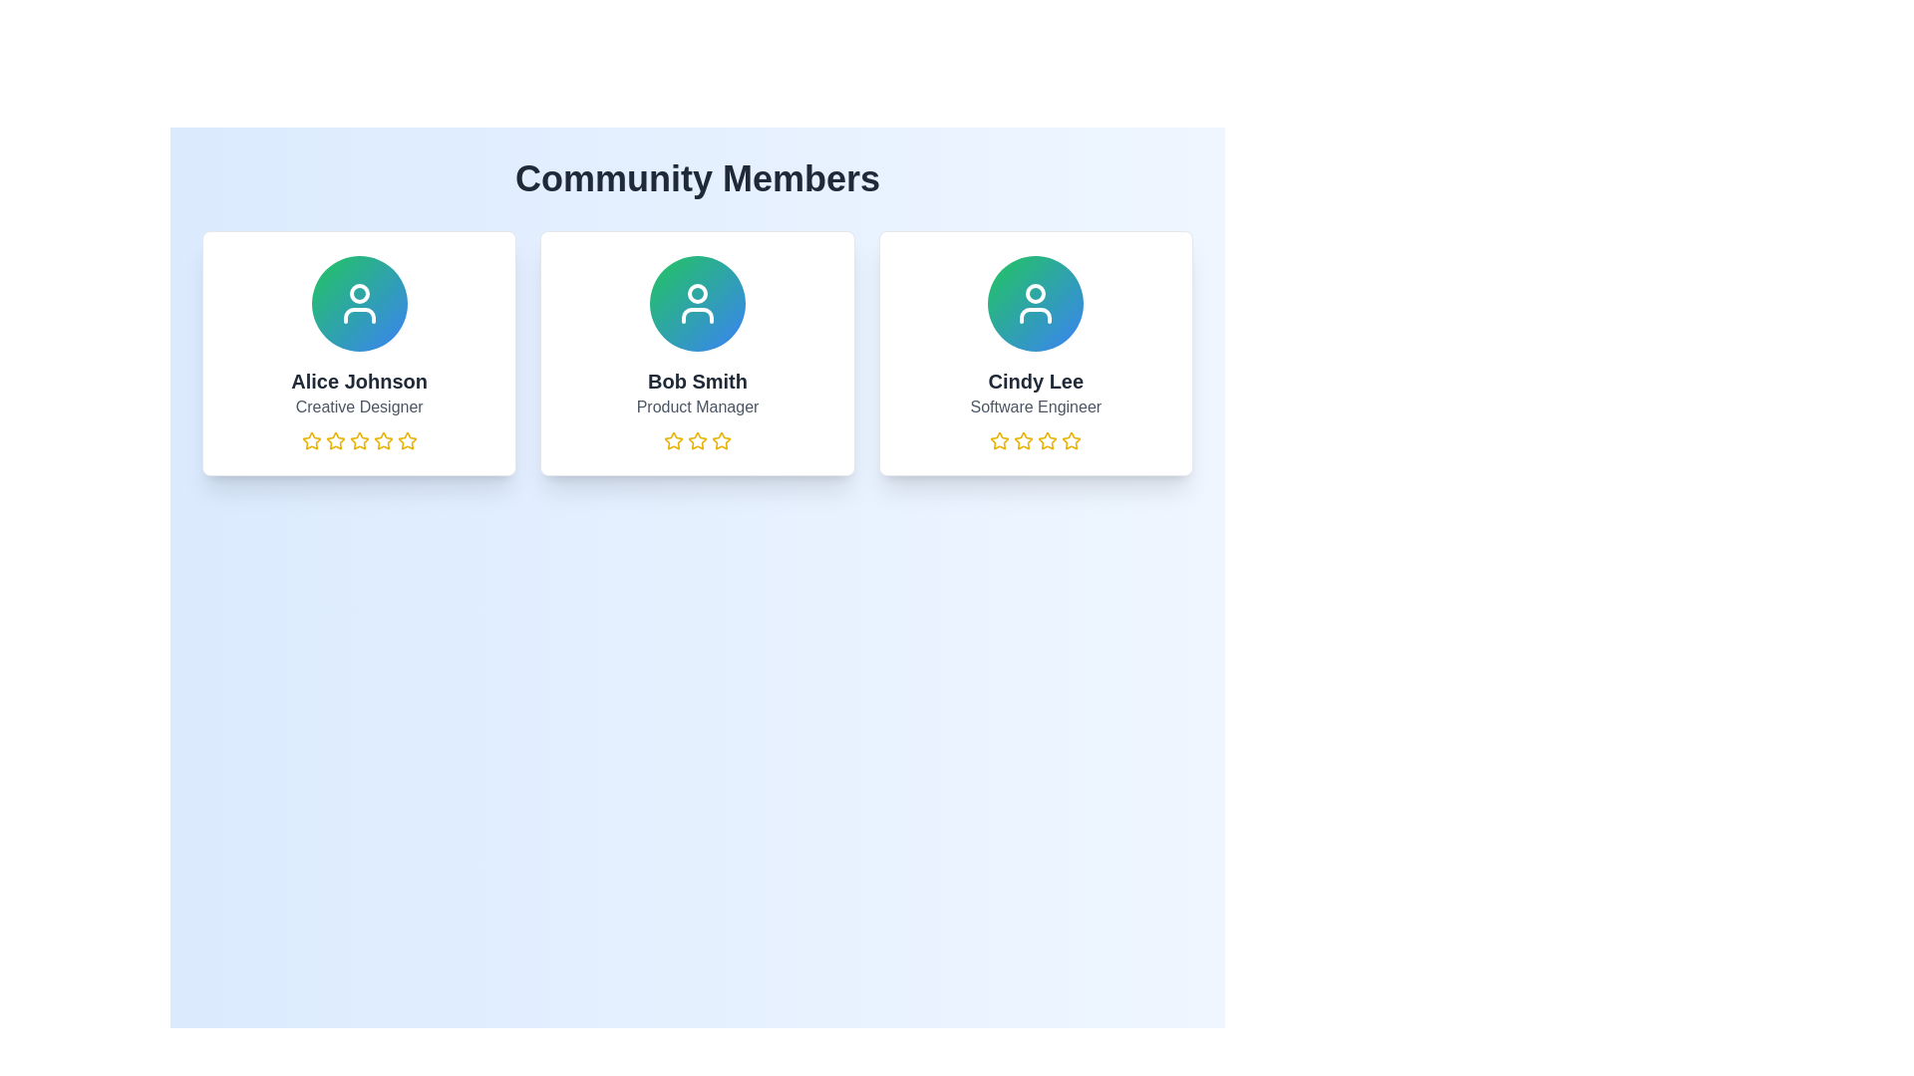  What do you see at coordinates (383, 440) in the screenshot?
I see `the fourth star icon in the 5-star rating system below Alice Johnson's profile card` at bounding box center [383, 440].